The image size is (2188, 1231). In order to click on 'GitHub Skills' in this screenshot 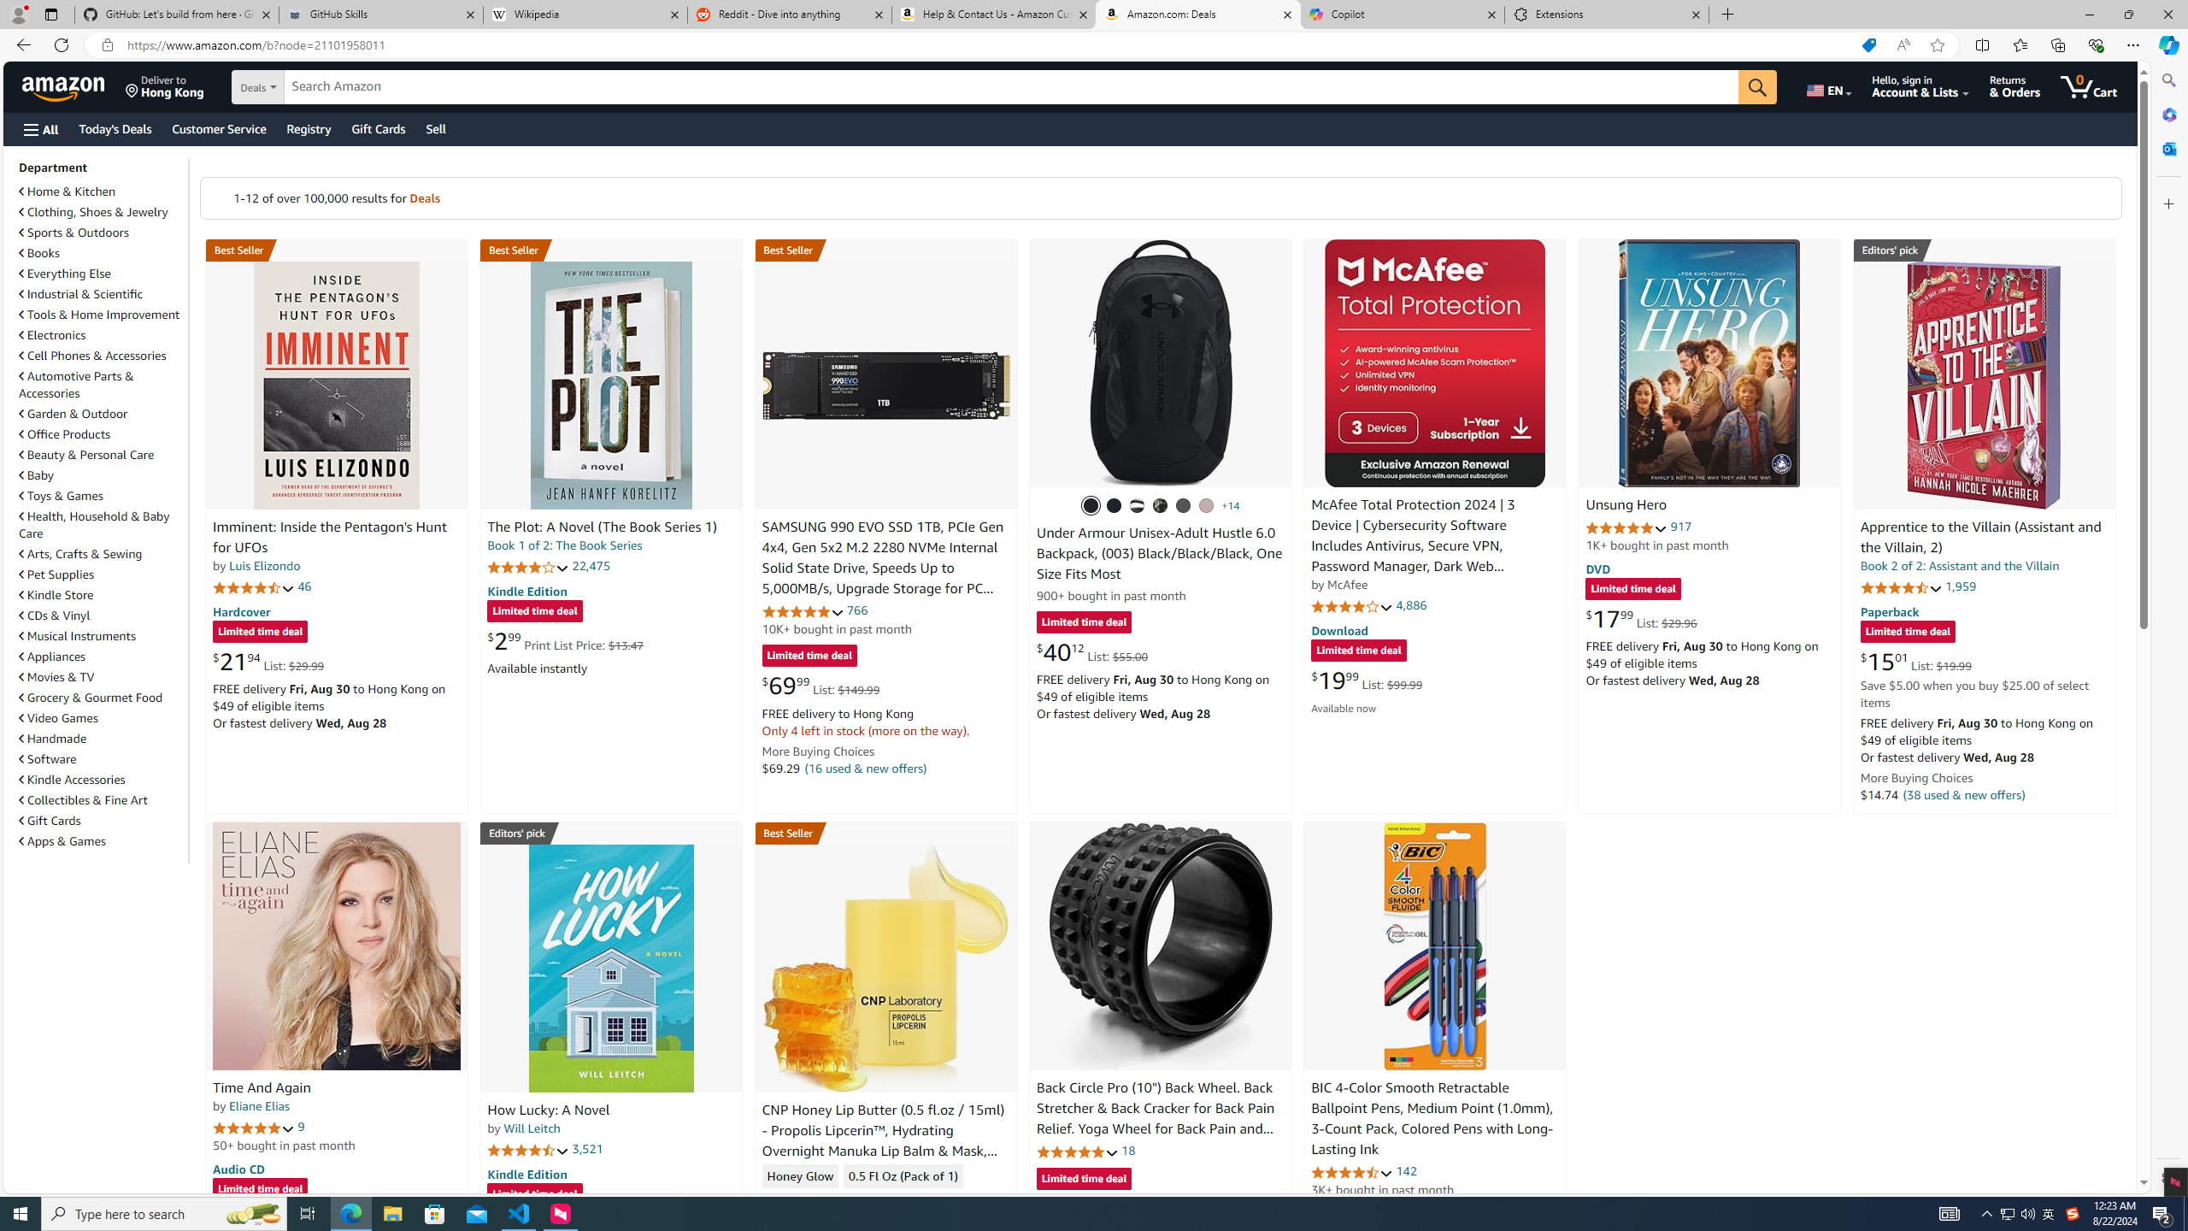, I will do `click(379, 14)`.